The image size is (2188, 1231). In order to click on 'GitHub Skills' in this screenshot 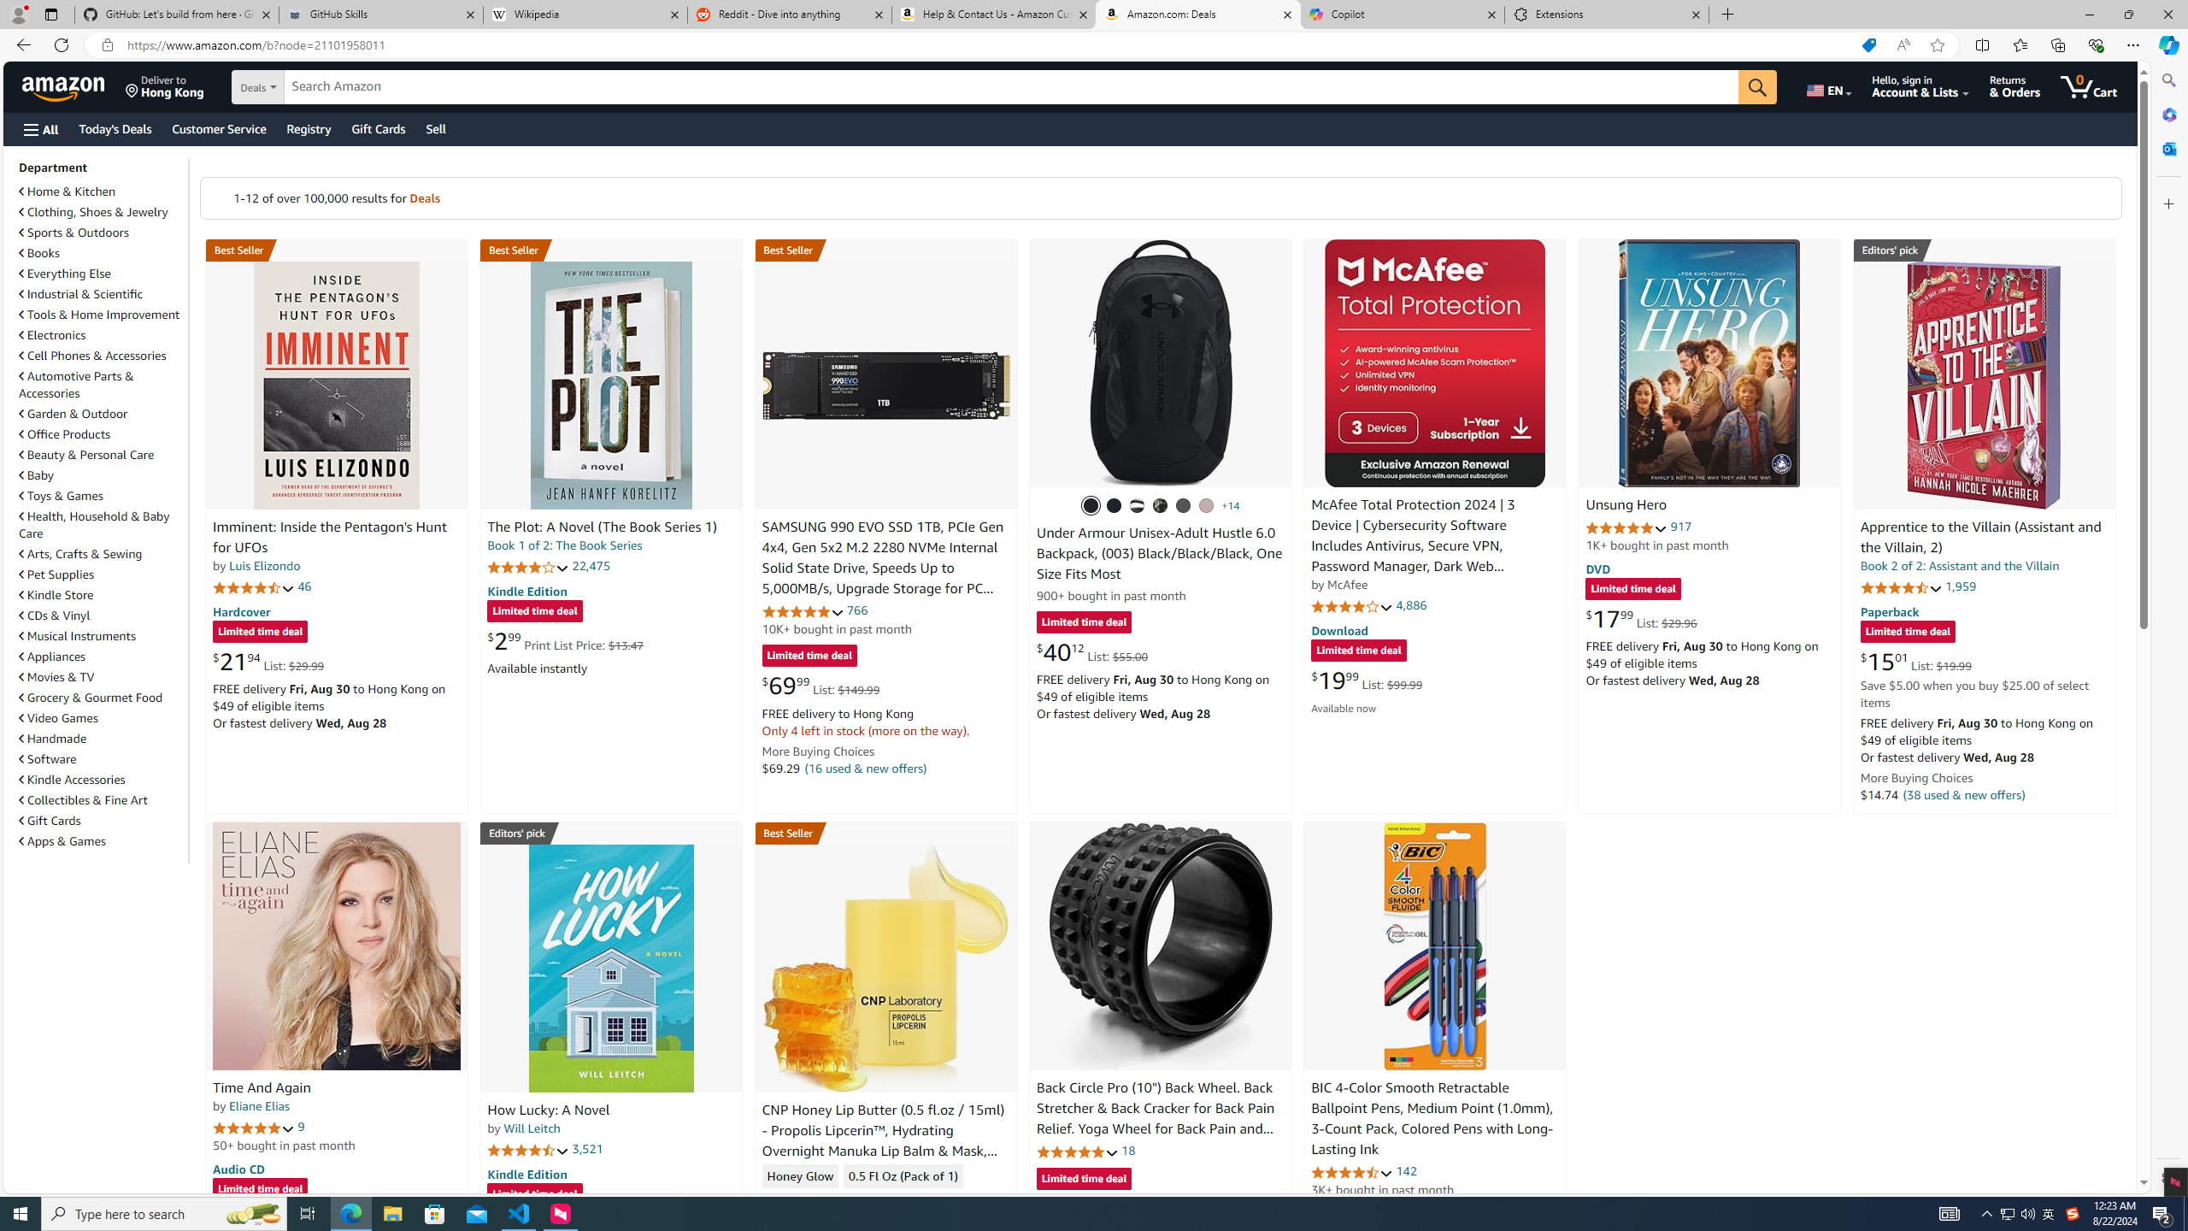, I will do `click(379, 14)`.